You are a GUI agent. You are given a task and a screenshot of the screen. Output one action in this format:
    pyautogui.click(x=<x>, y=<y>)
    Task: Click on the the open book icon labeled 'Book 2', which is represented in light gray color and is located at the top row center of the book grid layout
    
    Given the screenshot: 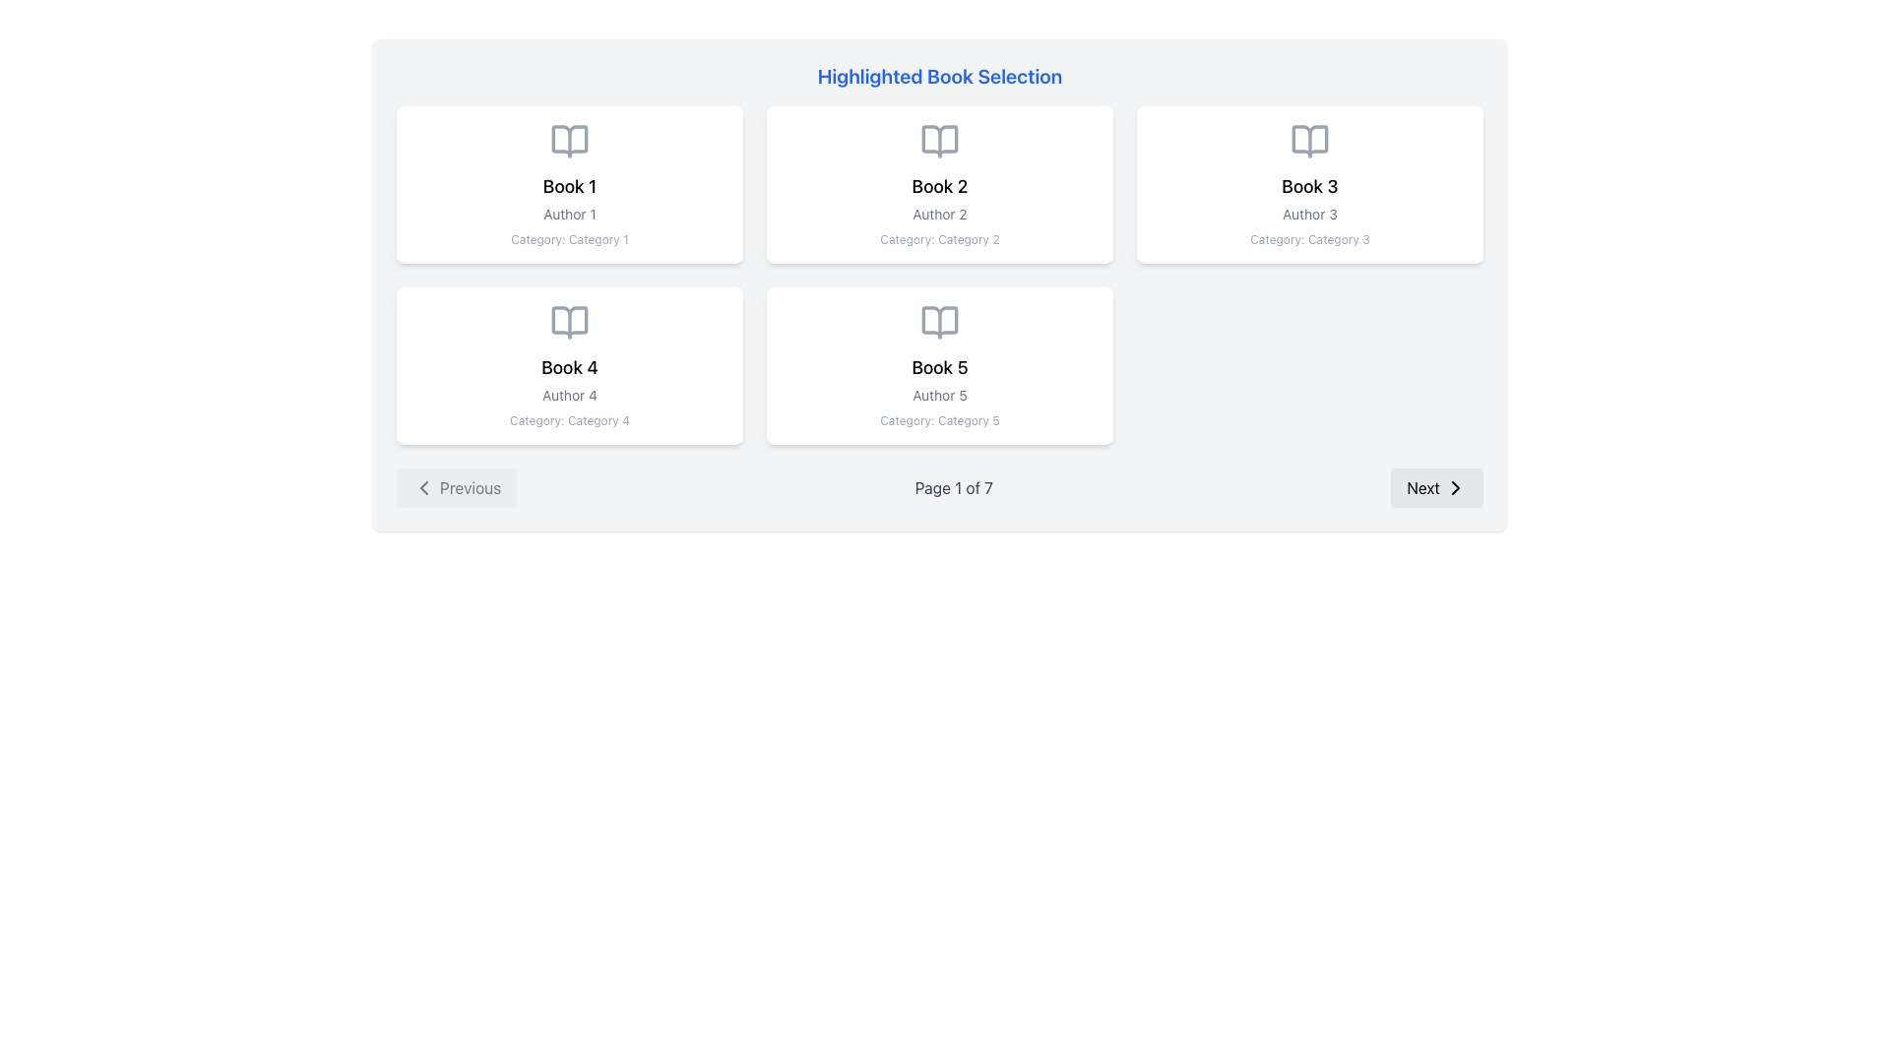 What is the action you would take?
    pyautogui.click(x=939, y=140)
    